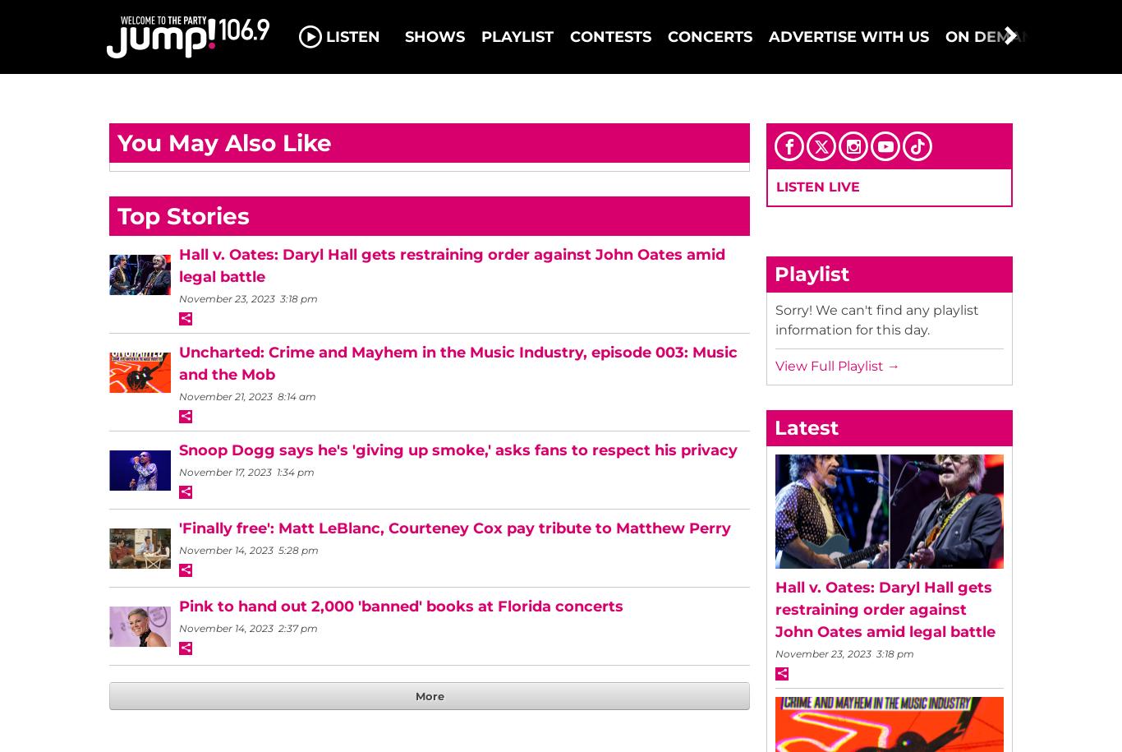  Describe the element at coordinates (178, 471) in the screenshot. I see `'November 17, 2023  1:34 pm'` at that location.